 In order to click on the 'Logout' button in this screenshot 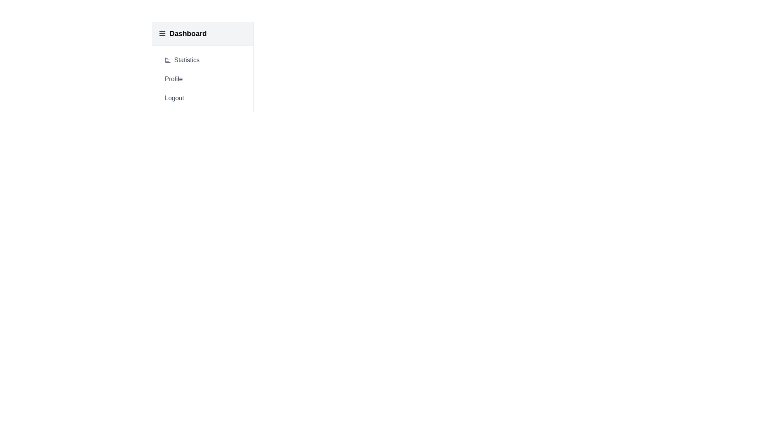, I will do `click(202, 97)`.